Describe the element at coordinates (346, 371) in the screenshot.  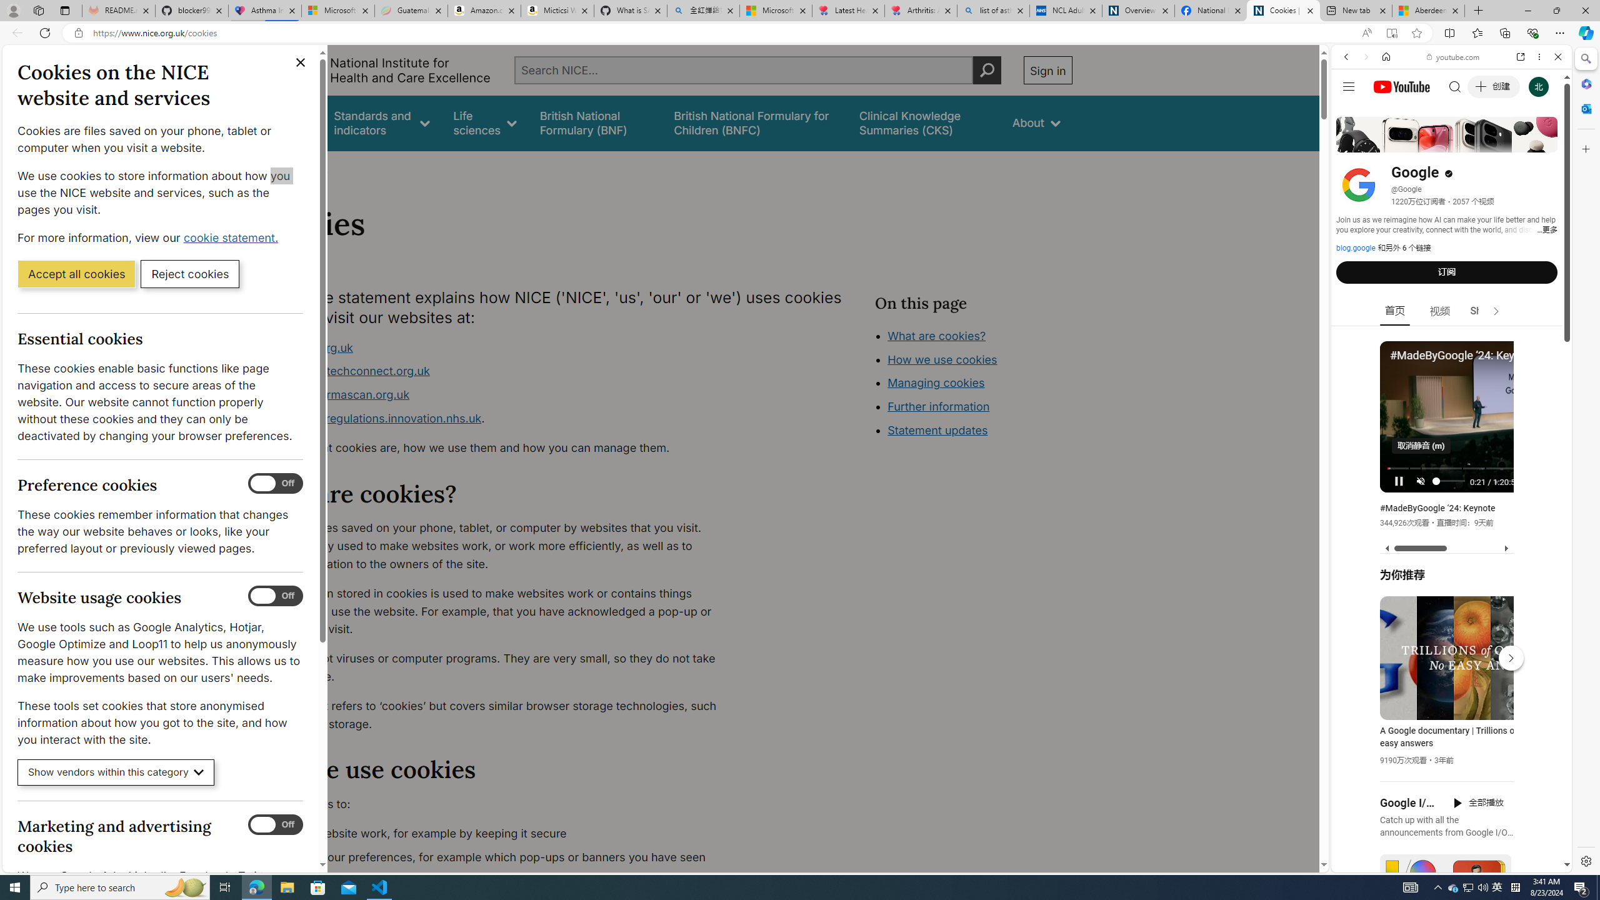
I see `'www.healthtechconnect.org.uk'` at that location.